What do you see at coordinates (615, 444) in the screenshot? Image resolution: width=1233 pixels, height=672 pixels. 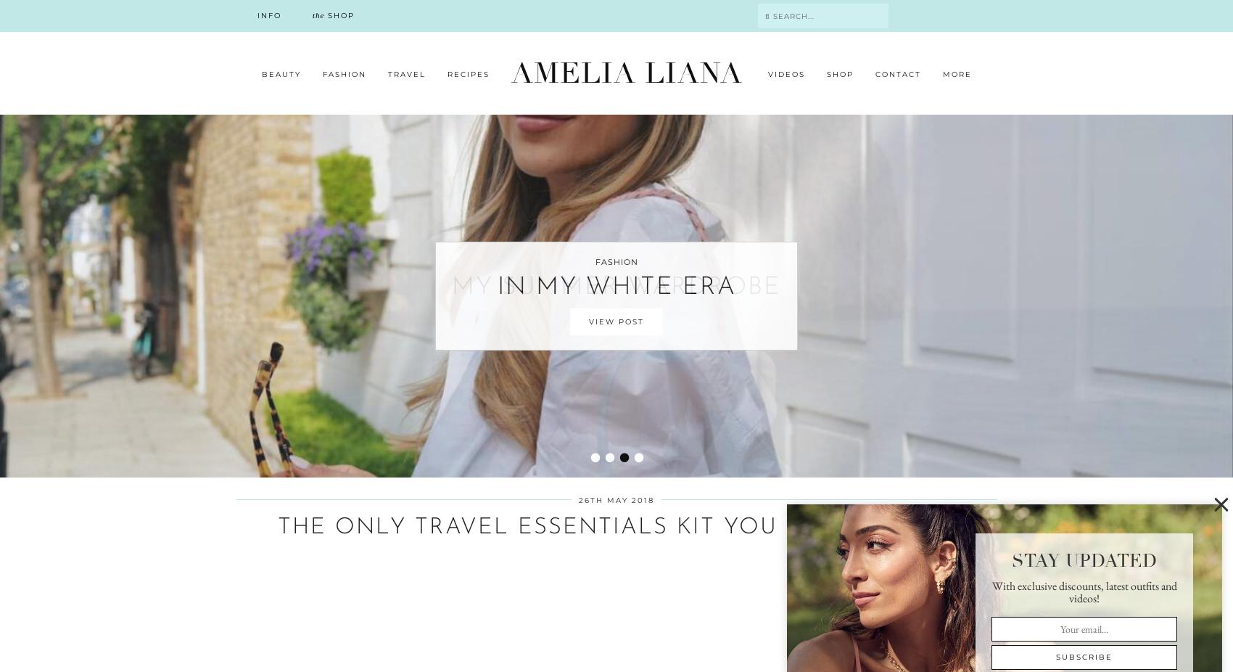 I see `'MY VISIT TO LAKE COMO'` at bounding box center [615, 444].